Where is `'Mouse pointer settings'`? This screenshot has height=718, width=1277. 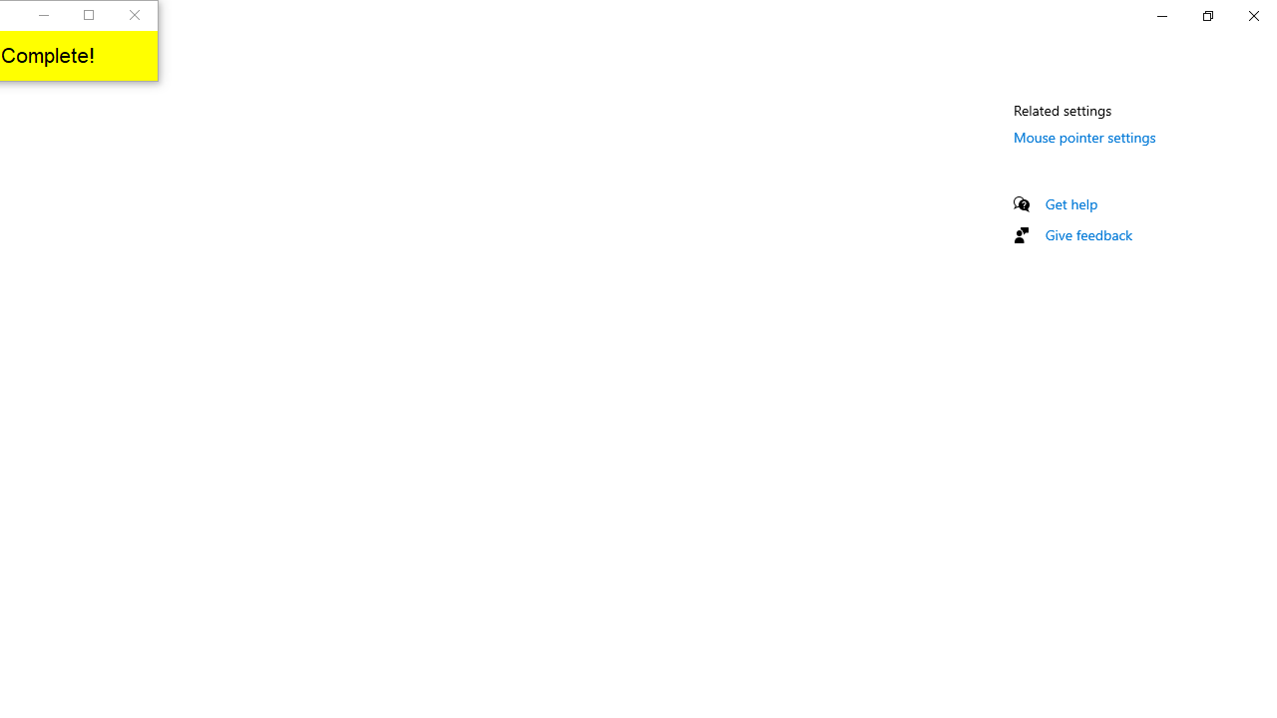
'Mouse pointer settings' is located at coordinates (1083, 136).